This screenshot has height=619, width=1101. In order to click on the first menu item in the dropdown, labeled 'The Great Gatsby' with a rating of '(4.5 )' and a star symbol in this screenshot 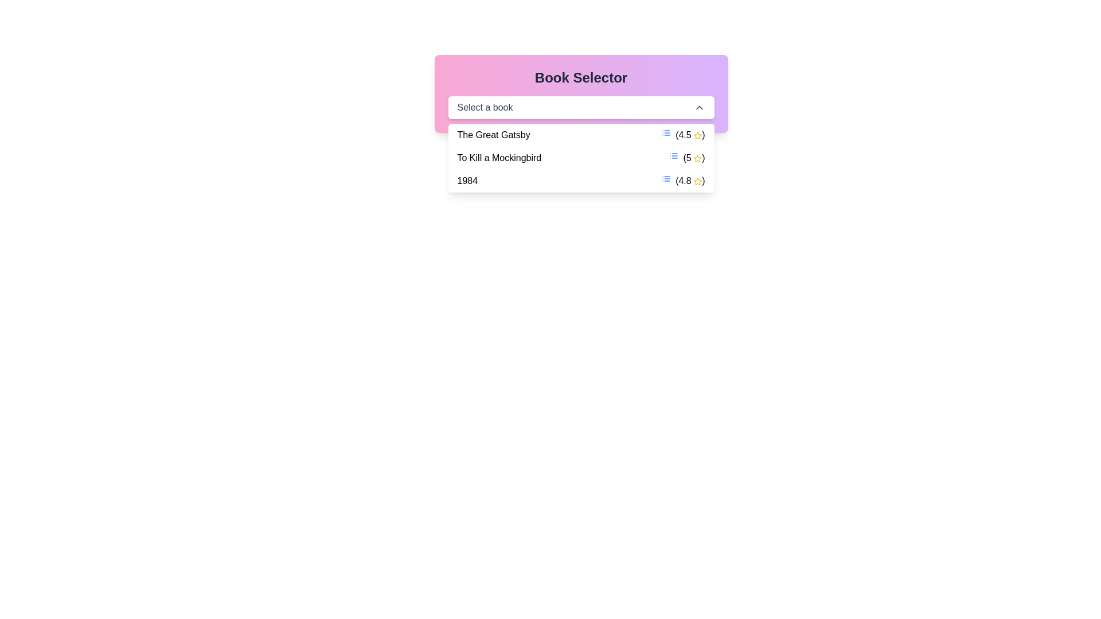, I will do `click(581, 134)`.